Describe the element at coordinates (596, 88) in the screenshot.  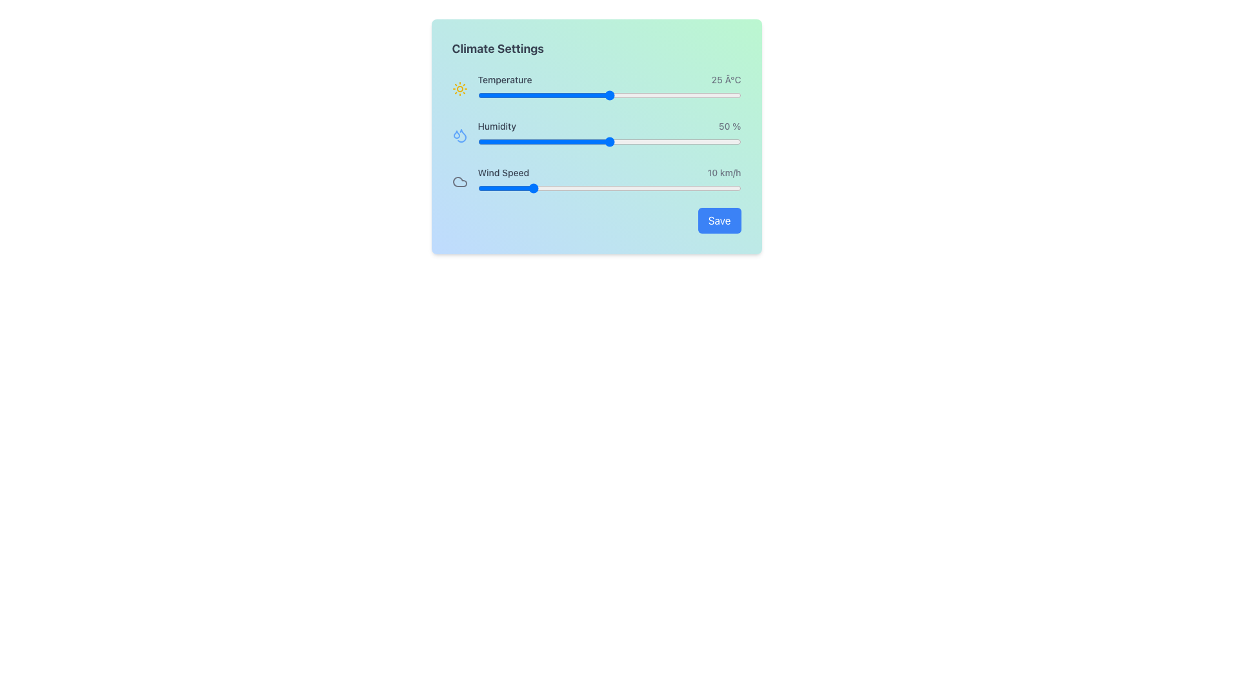
I see `the composite element displaying temperature information, which includes a yellow sun icon, the label 'Temperature', and a numerical value '25 °C'` at that location.